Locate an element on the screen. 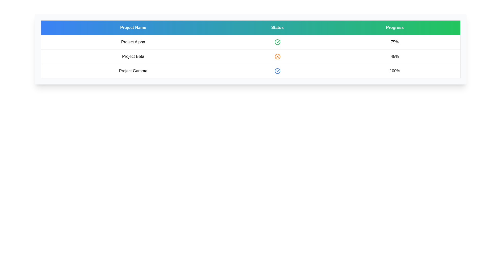  the status icon for the project Project Beta is located at coordinates (277, 57).